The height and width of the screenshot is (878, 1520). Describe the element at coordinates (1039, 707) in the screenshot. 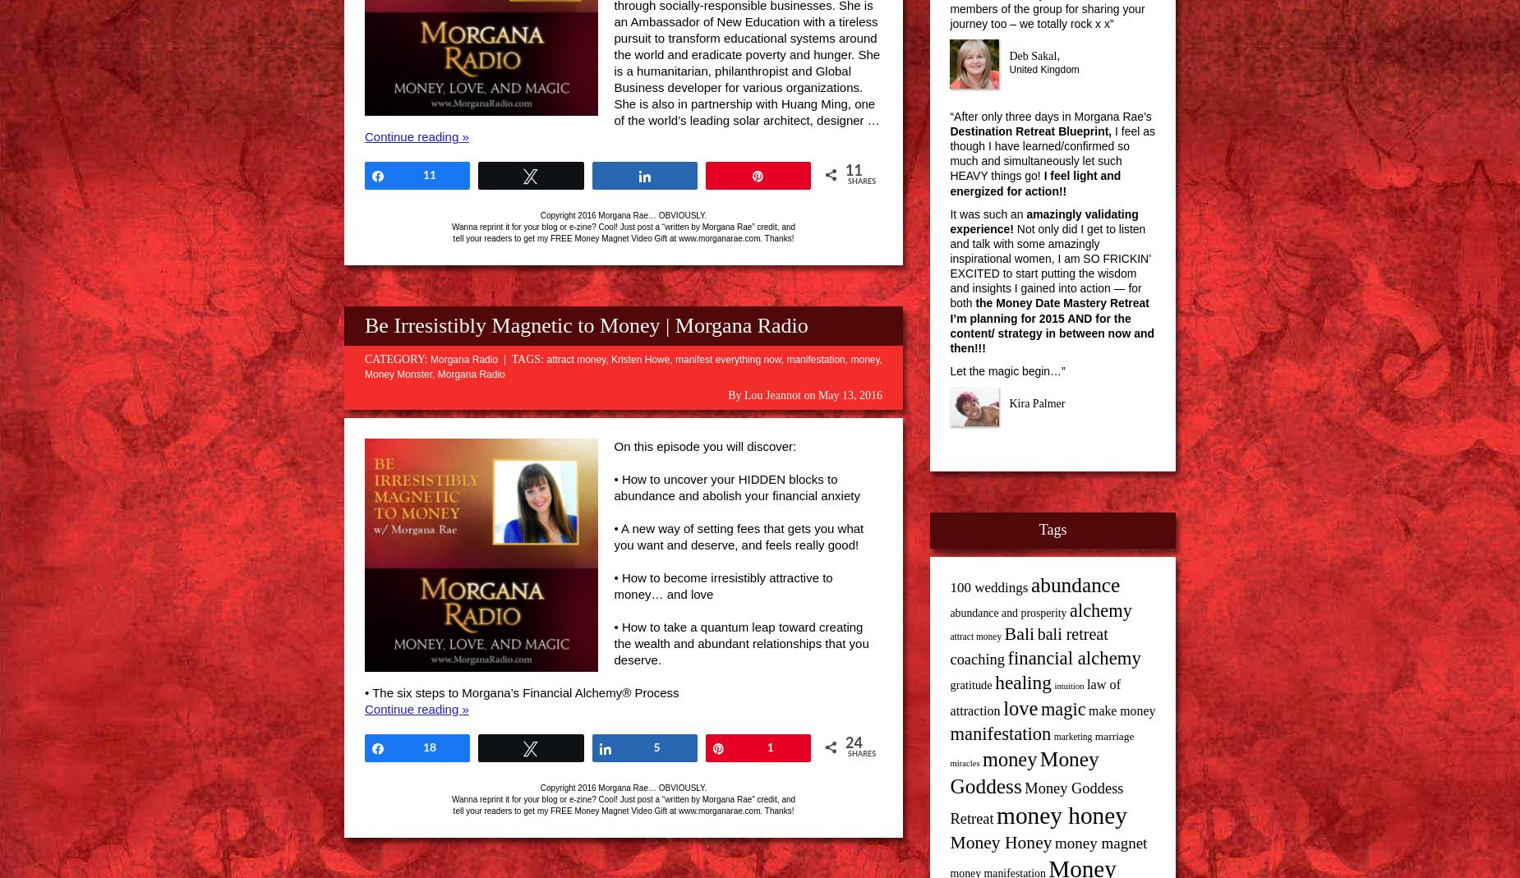

I see `'magic'` at that location.